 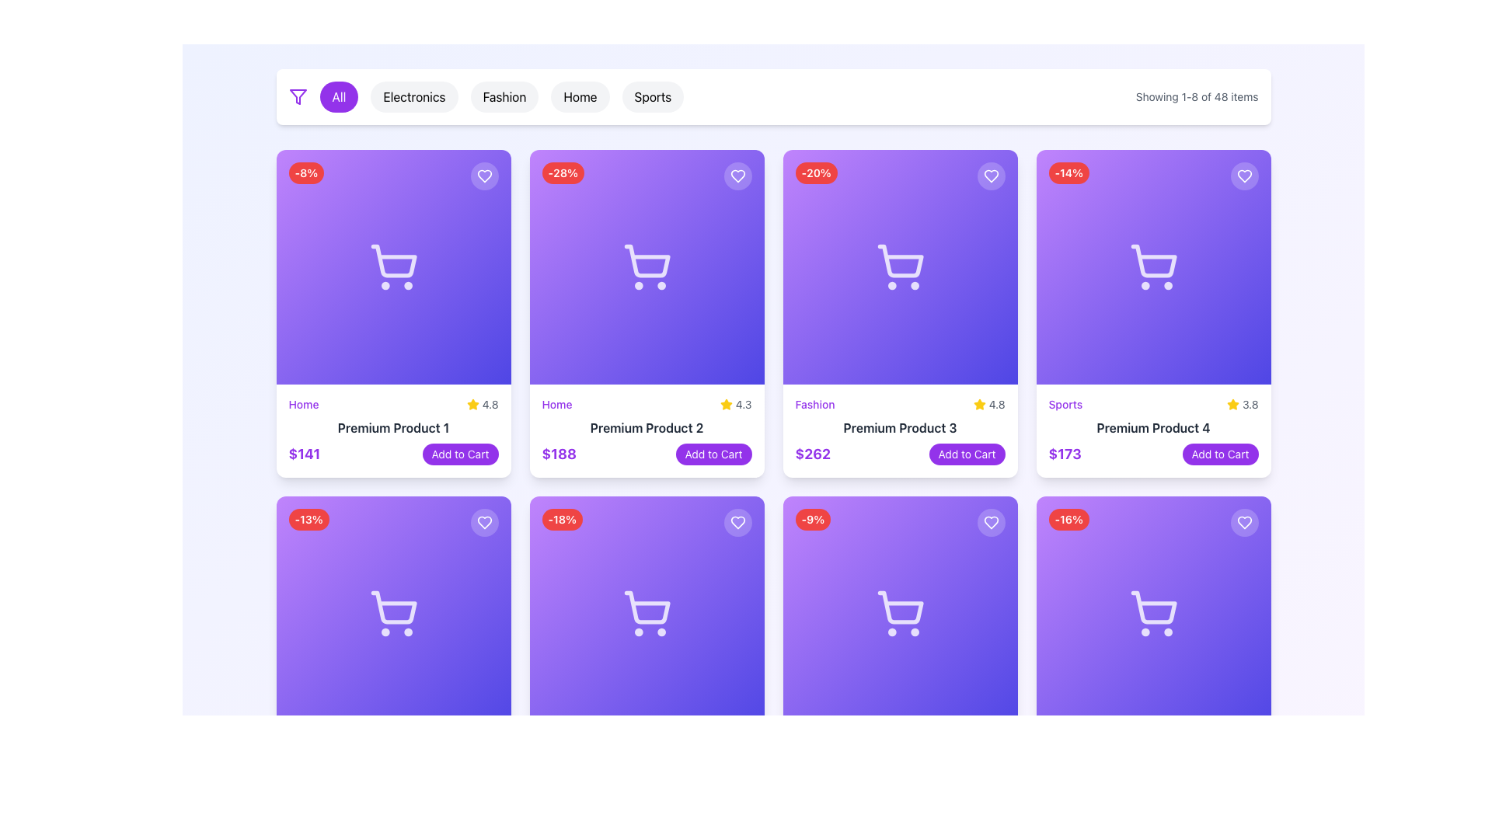 I want to click on the price text label located in the bottom-left section of the product card titled 'Premium Product 4', under the label 'Sports', to the left of the 'Add to Cart' button, so click(x=1064, y=454).